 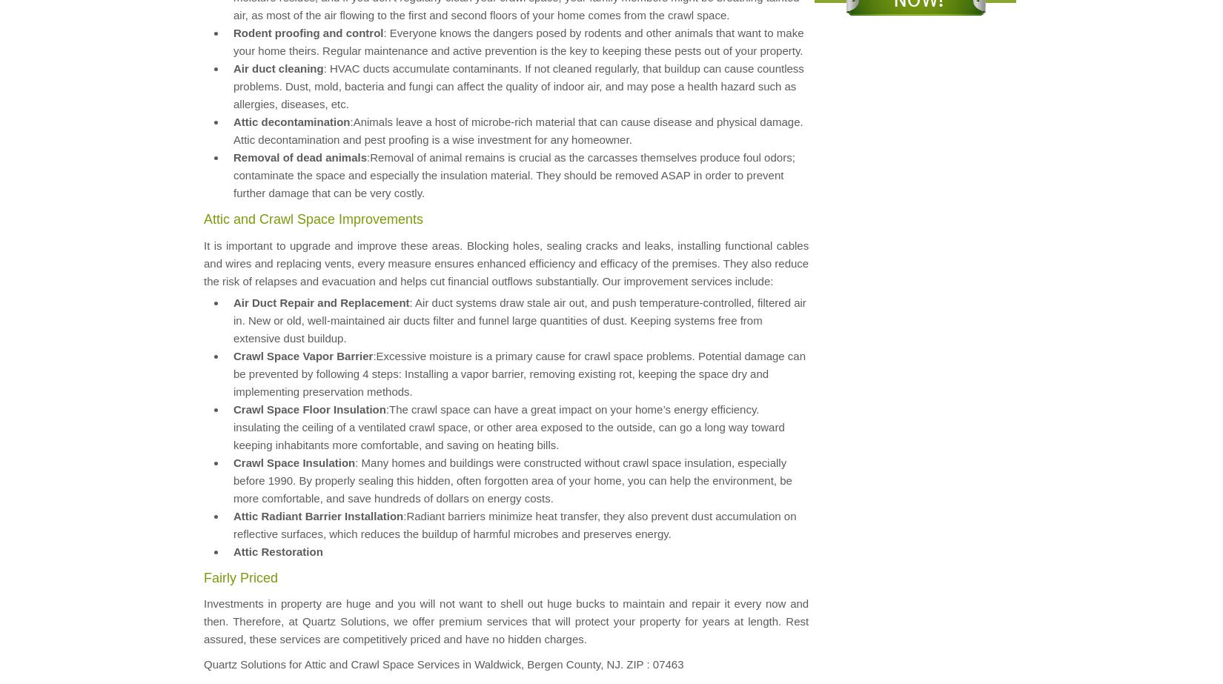 What do you see at coordinates (308, 408) in the screenshot?
I see `'Crawl Space Floor Insulation'` at bounding box center [308, 408].